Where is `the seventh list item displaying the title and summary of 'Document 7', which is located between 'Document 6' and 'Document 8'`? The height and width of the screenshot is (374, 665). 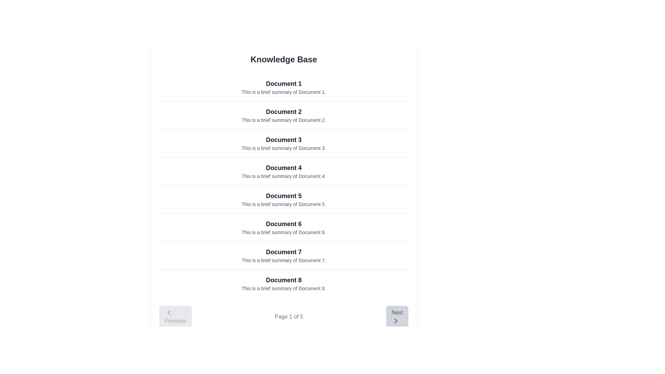 the seventh list item displaying the title and summary of 'Document 7', which is located between 'Document 6' and 'Document 8' is located at coordinates (284, 255).